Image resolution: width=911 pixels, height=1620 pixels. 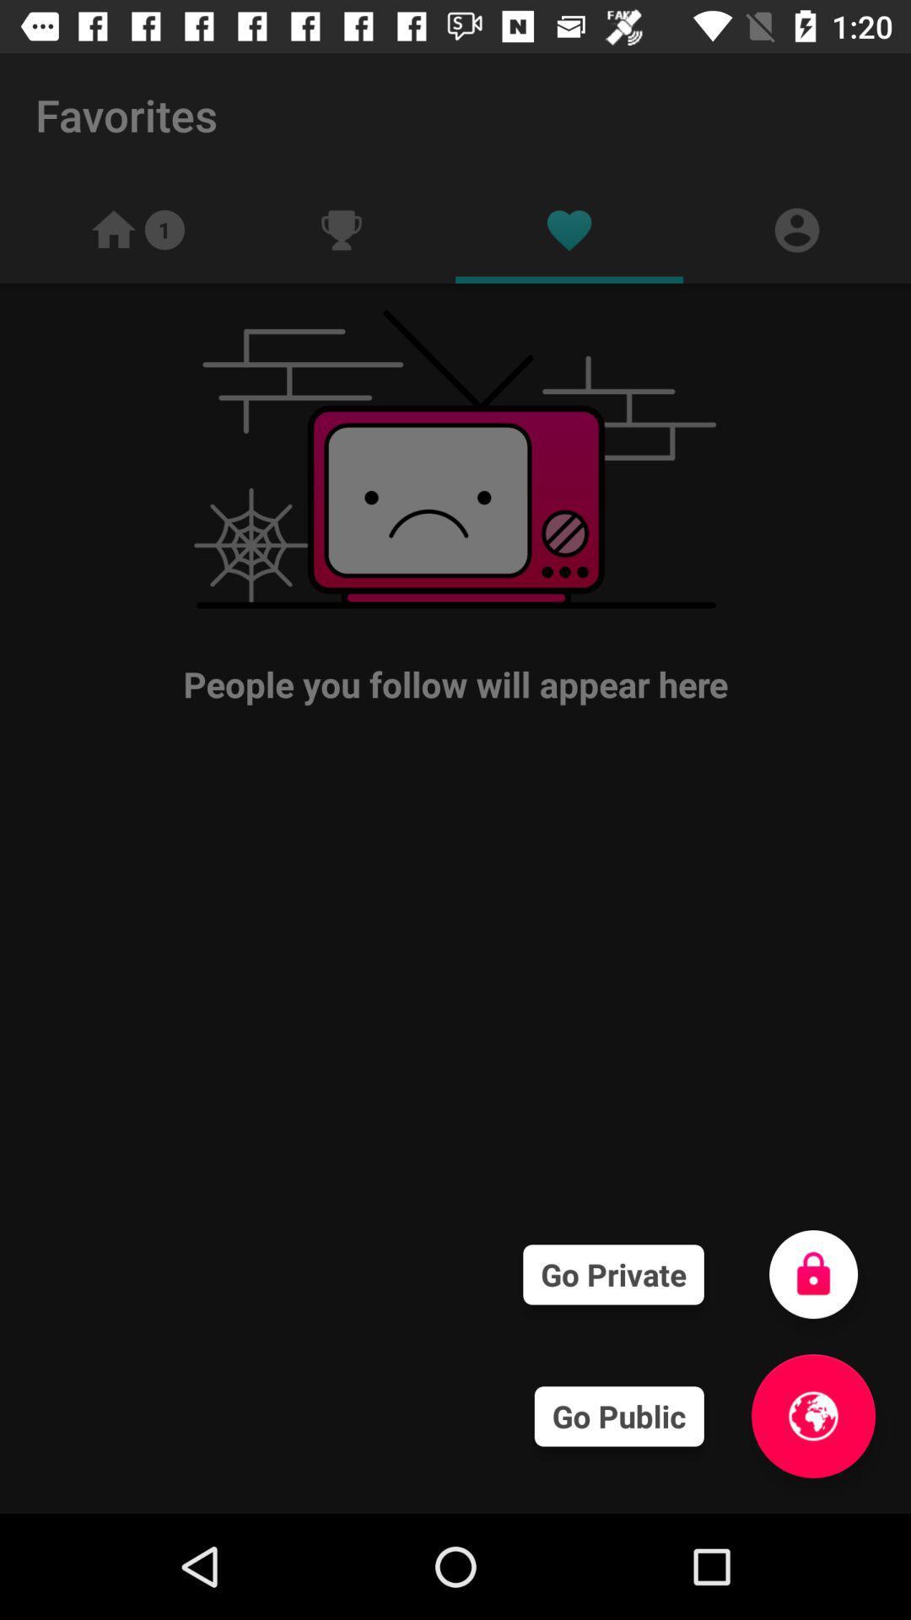 I want to click on the globe icon, so click(x=812, y=1416).